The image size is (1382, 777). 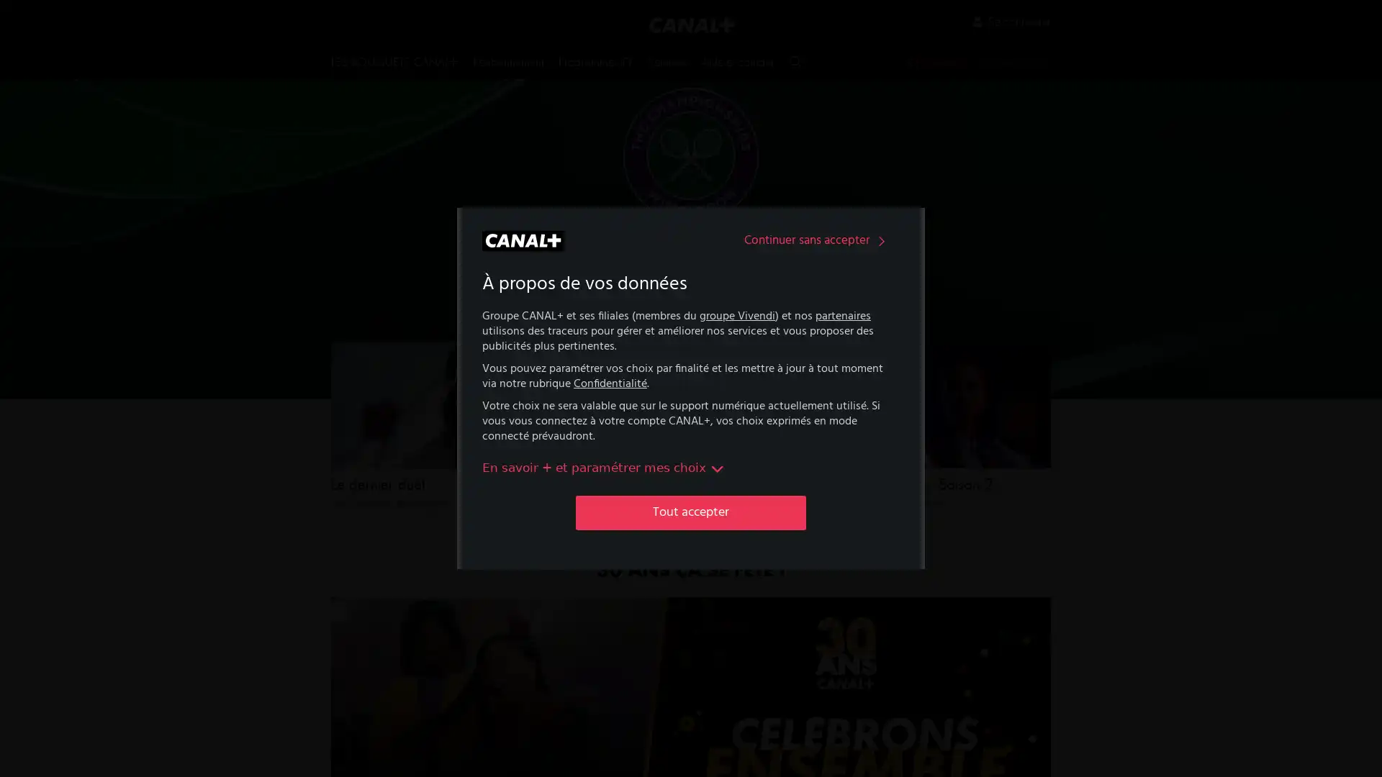 What do you see at coordinates (553, 422) in the screenshot?
I see `Cap Vert` at bounding box center [553, 422].